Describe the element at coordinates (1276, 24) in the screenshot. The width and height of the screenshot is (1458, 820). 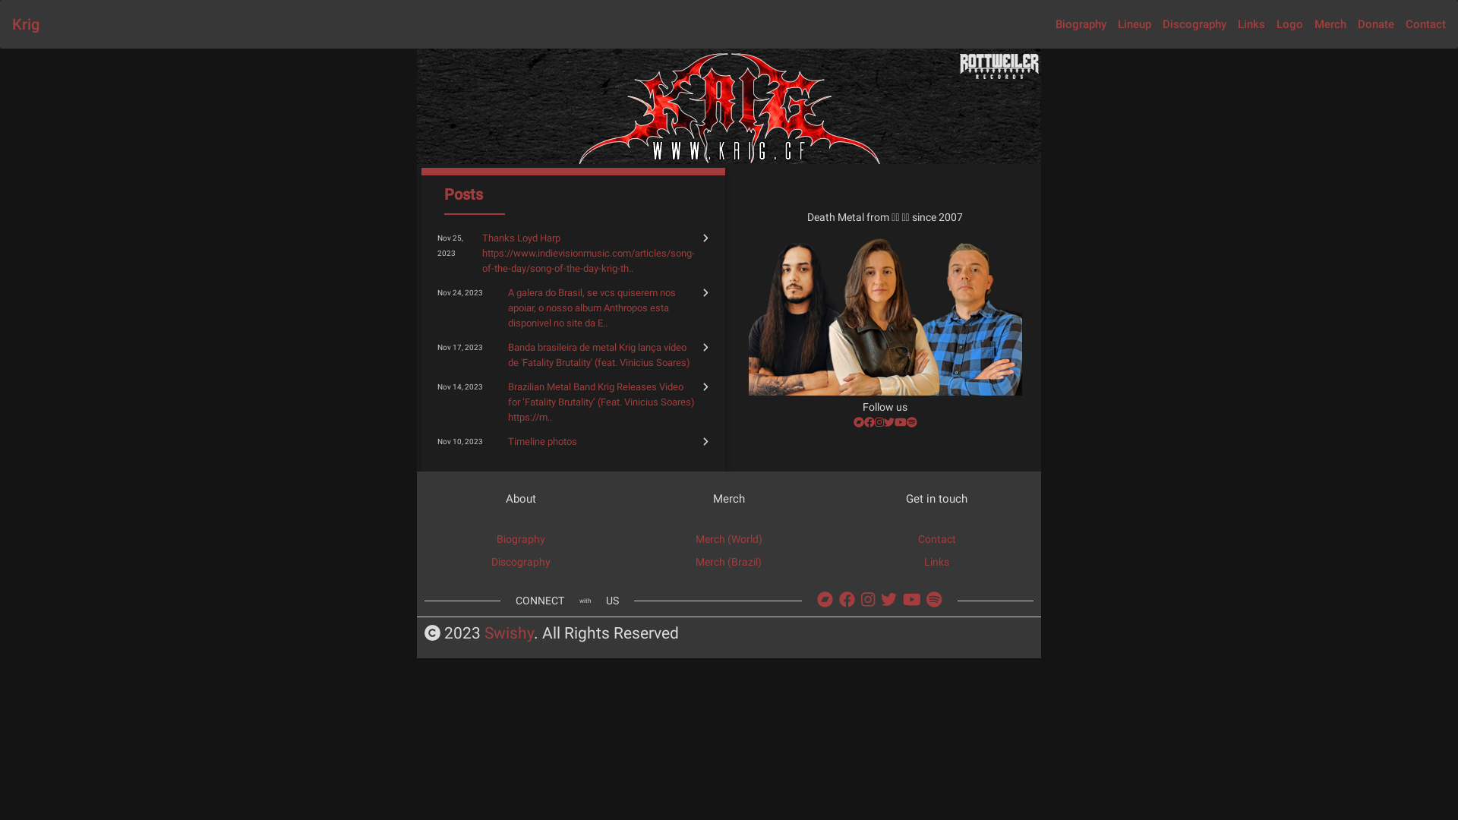
I see `'Logo'` at that location.